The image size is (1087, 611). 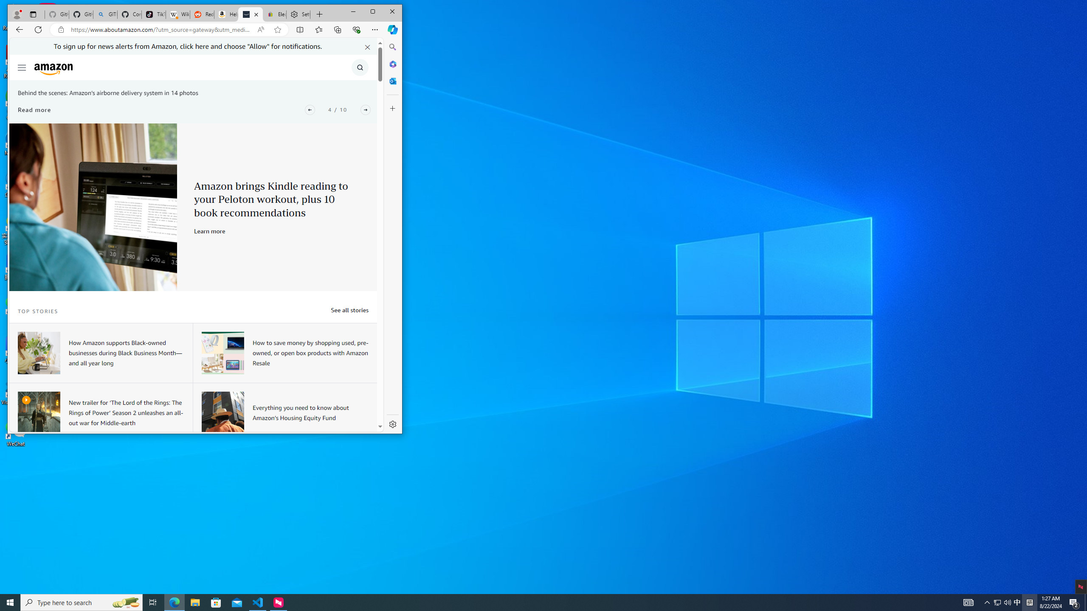 What do you see at coordinates (365, 109) in the screenshot?
I see `'Next'` at bounding box center [365, 109].